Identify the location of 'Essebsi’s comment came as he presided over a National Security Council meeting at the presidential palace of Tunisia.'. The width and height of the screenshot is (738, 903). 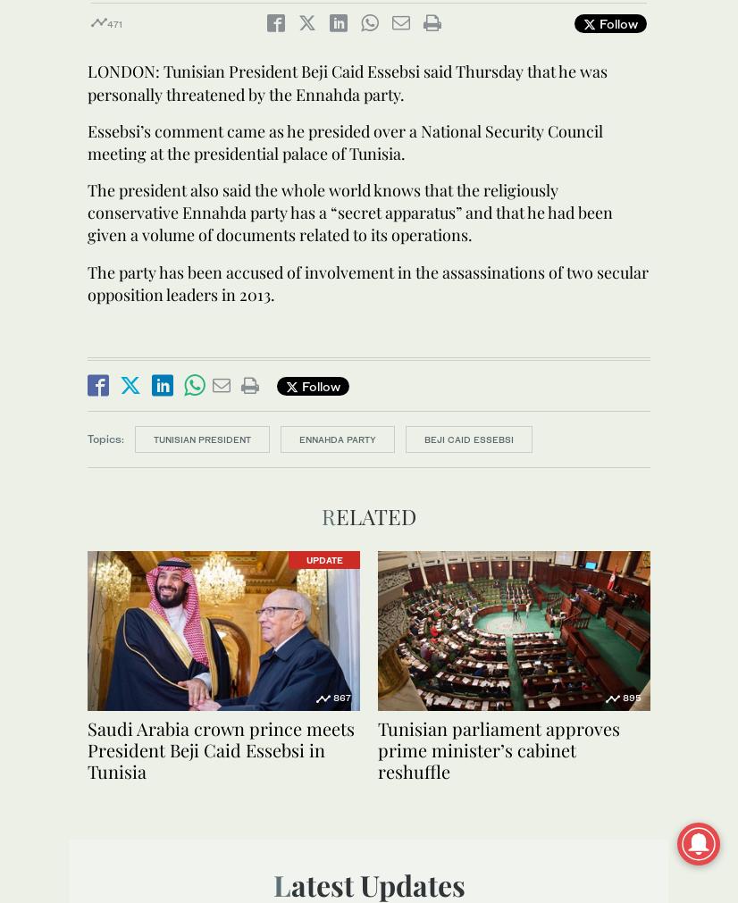
(86, 140).